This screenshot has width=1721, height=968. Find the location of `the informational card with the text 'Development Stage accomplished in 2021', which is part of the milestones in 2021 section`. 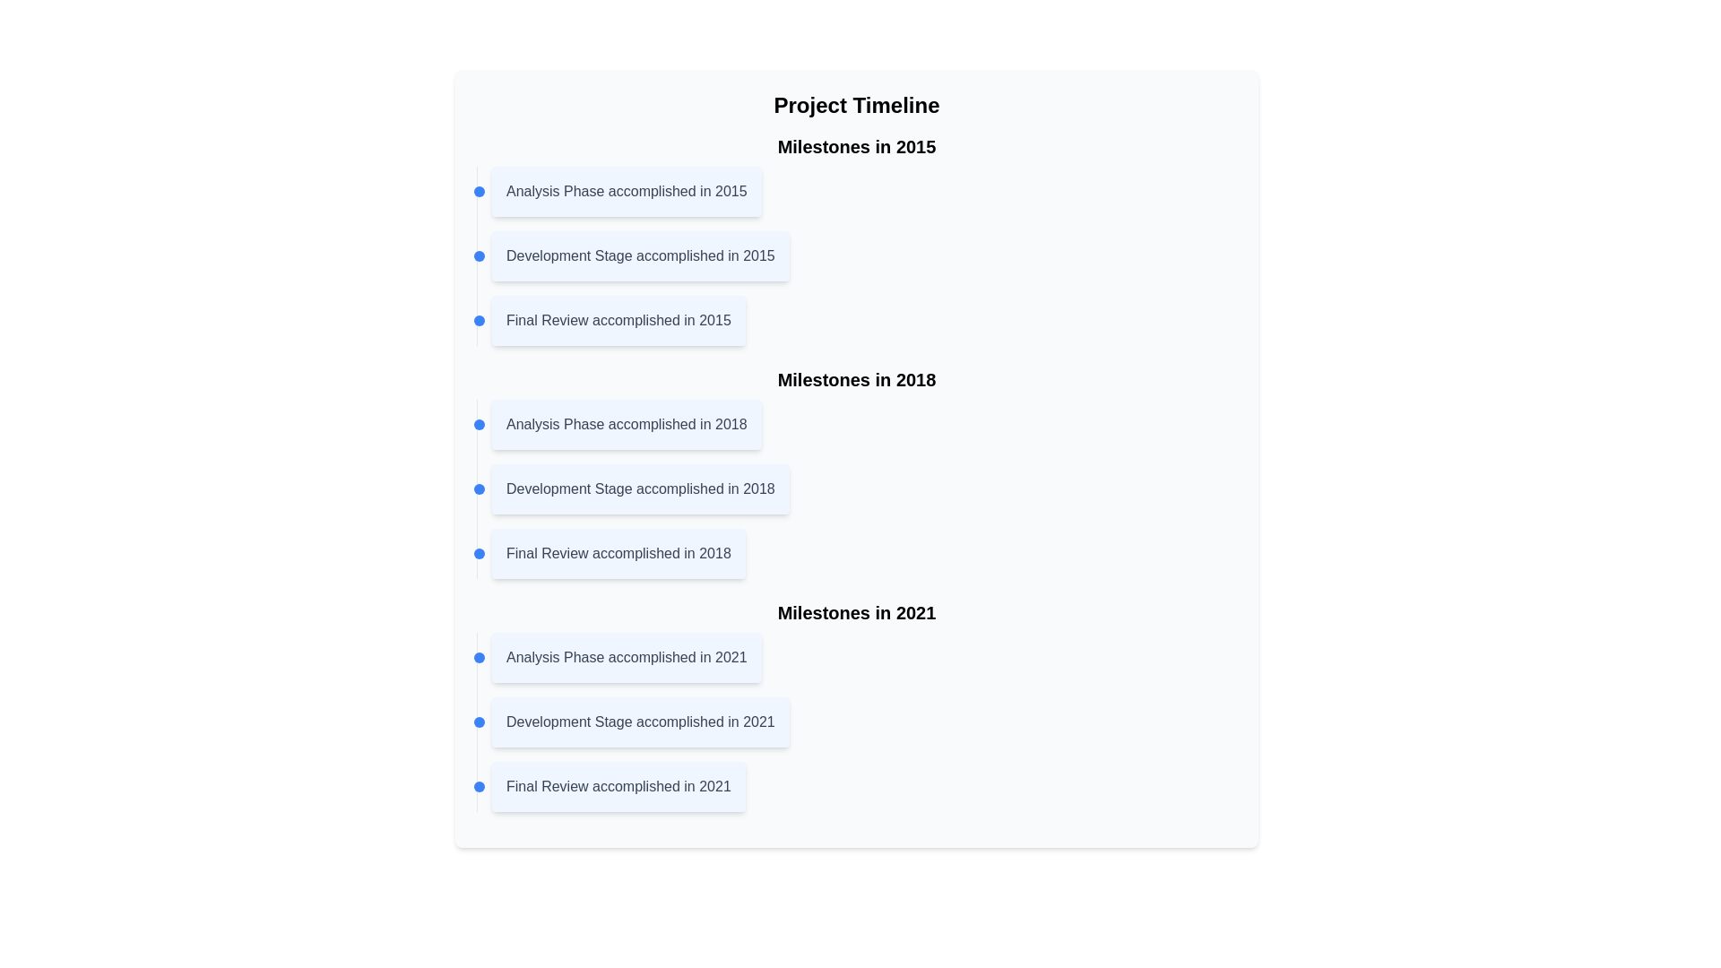

the informational card with the text 'Development Stage accomplished in 2021', which is part of the milestones in 2021 section is located at coordinates (640, 722).